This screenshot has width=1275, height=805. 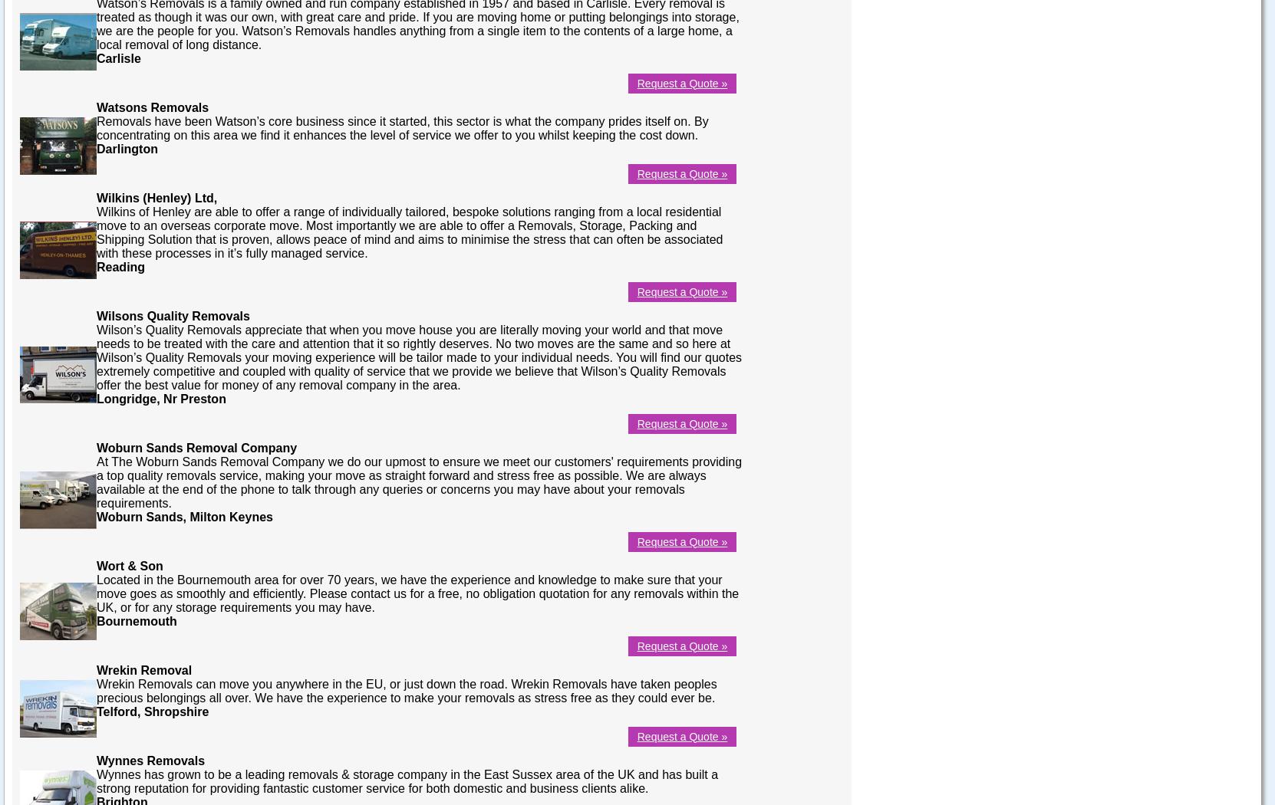 What do you see at coordinates (96, 564) in the screenshot?
I see `'Wort & Son'` at bounding box center [96, 564].